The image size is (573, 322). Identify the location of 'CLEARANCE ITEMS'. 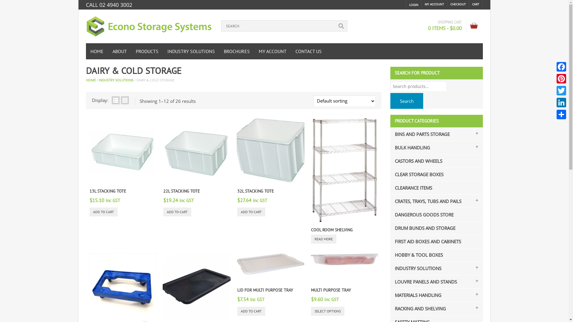
(411, 187).